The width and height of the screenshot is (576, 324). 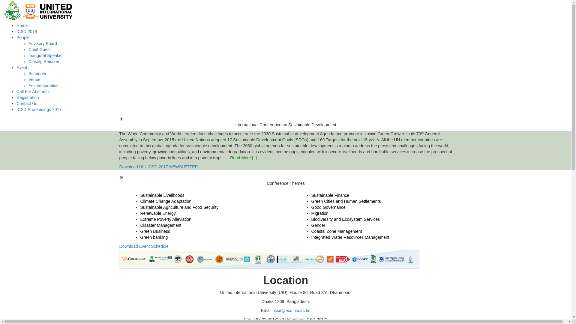 What do you see at coordinates (27, 97) in the screenshot?
I see `'Registration'` at bounding box center [27, 97].